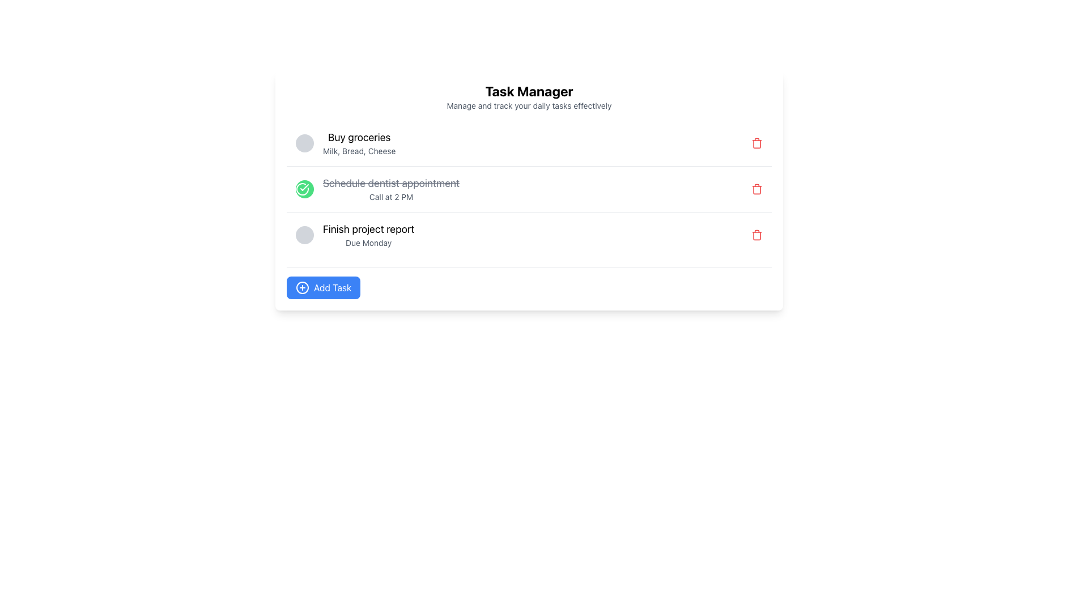  Describe the element at coordinates (304, 143) in the screenshot. I see `the button located at the far left of the row for the task titled 'Buy groceries'` at that location.